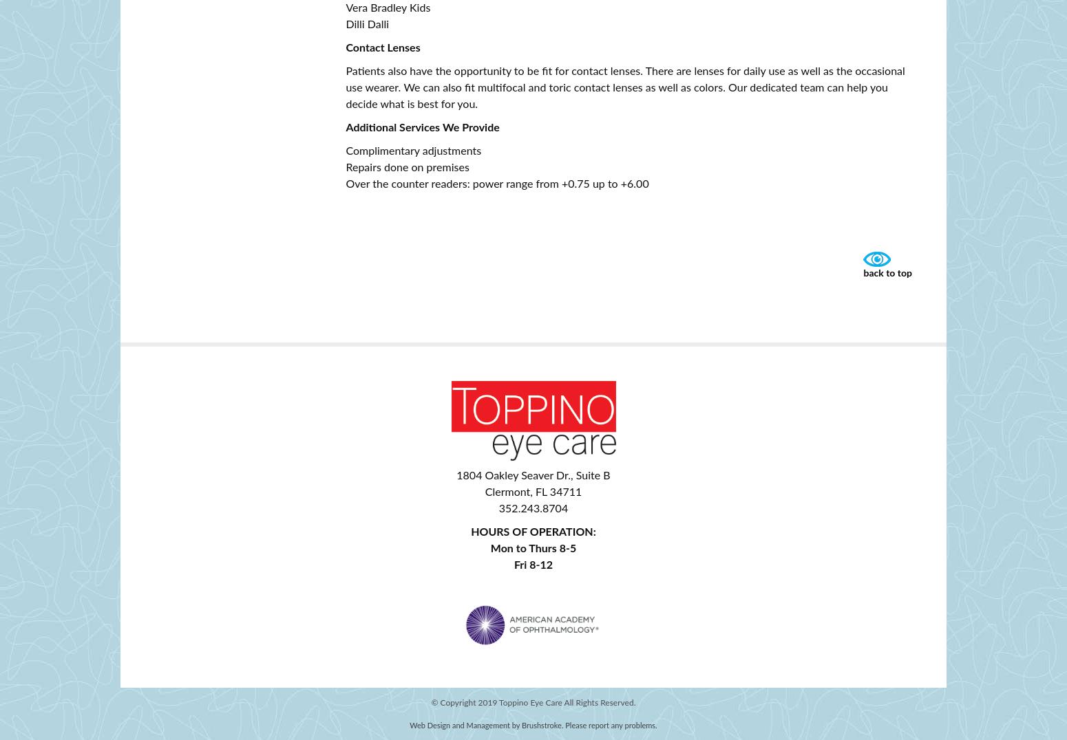 This screenshot has height=740, width=1067. What do you see at coordinates (533, 548) in the screenshot?
I see `'Mon to Thurs 8-5'` at bounding box center [533, 548].